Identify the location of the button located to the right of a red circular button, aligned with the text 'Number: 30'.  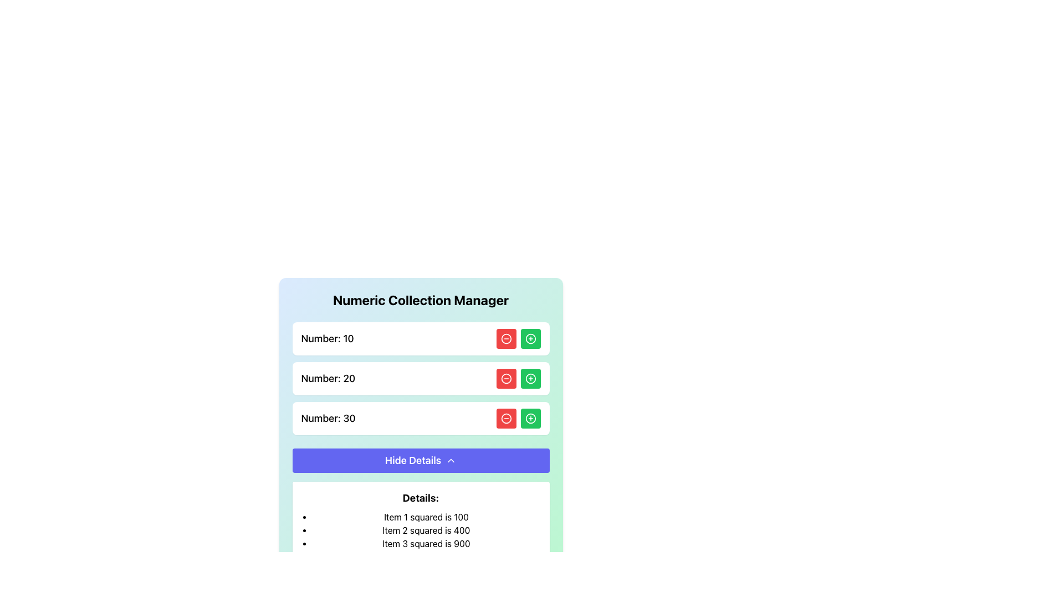
(530, 338).